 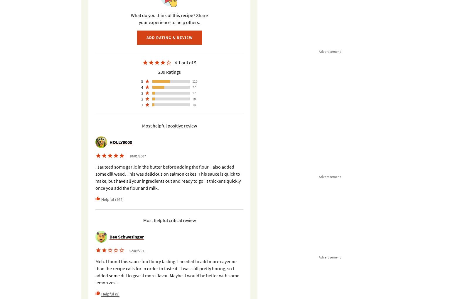 What do you see at coordinates (127, 236) in the screenshot?
I see `'Dee Schwesinger'` at bounding box center [127, 236].